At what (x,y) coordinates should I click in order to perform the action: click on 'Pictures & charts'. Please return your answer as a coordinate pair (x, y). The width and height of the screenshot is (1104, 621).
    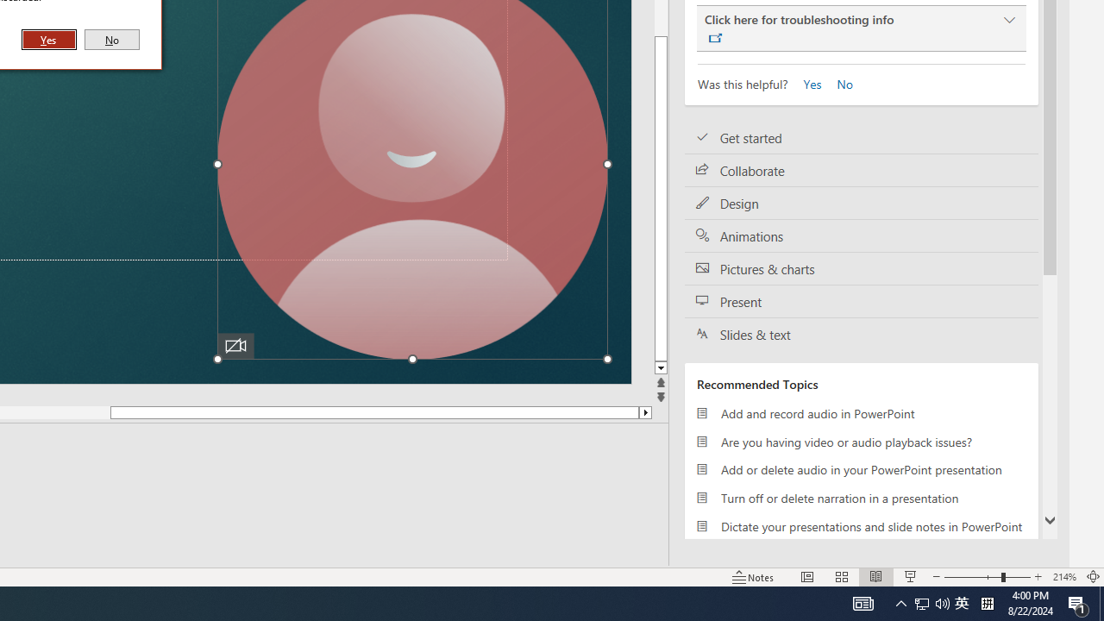
    Looking at the image, I should click on (862, 269).